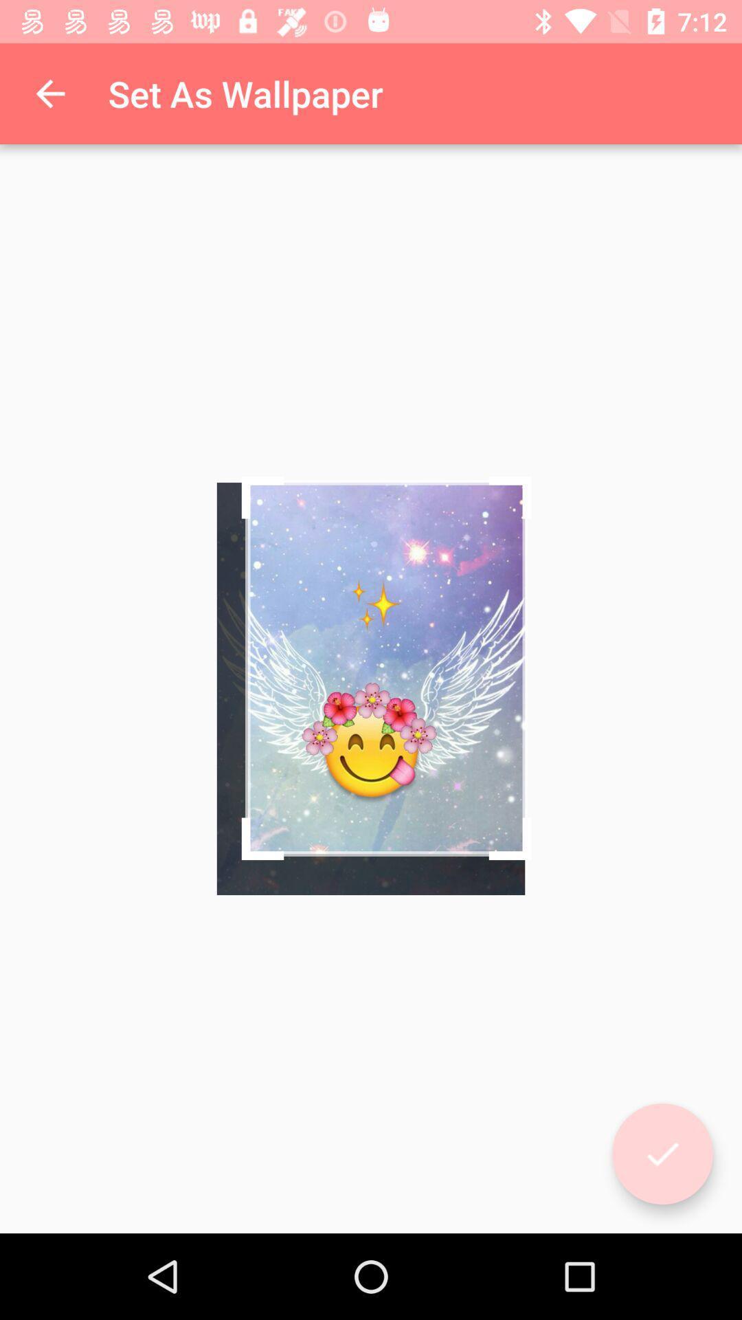 The width and height of the screenshot is (742, 1320). What do you see at coordinates (49, 93) in the screenshot?
I see `the item next to the set as wallpaper icon` at bounding box center [49, 93].